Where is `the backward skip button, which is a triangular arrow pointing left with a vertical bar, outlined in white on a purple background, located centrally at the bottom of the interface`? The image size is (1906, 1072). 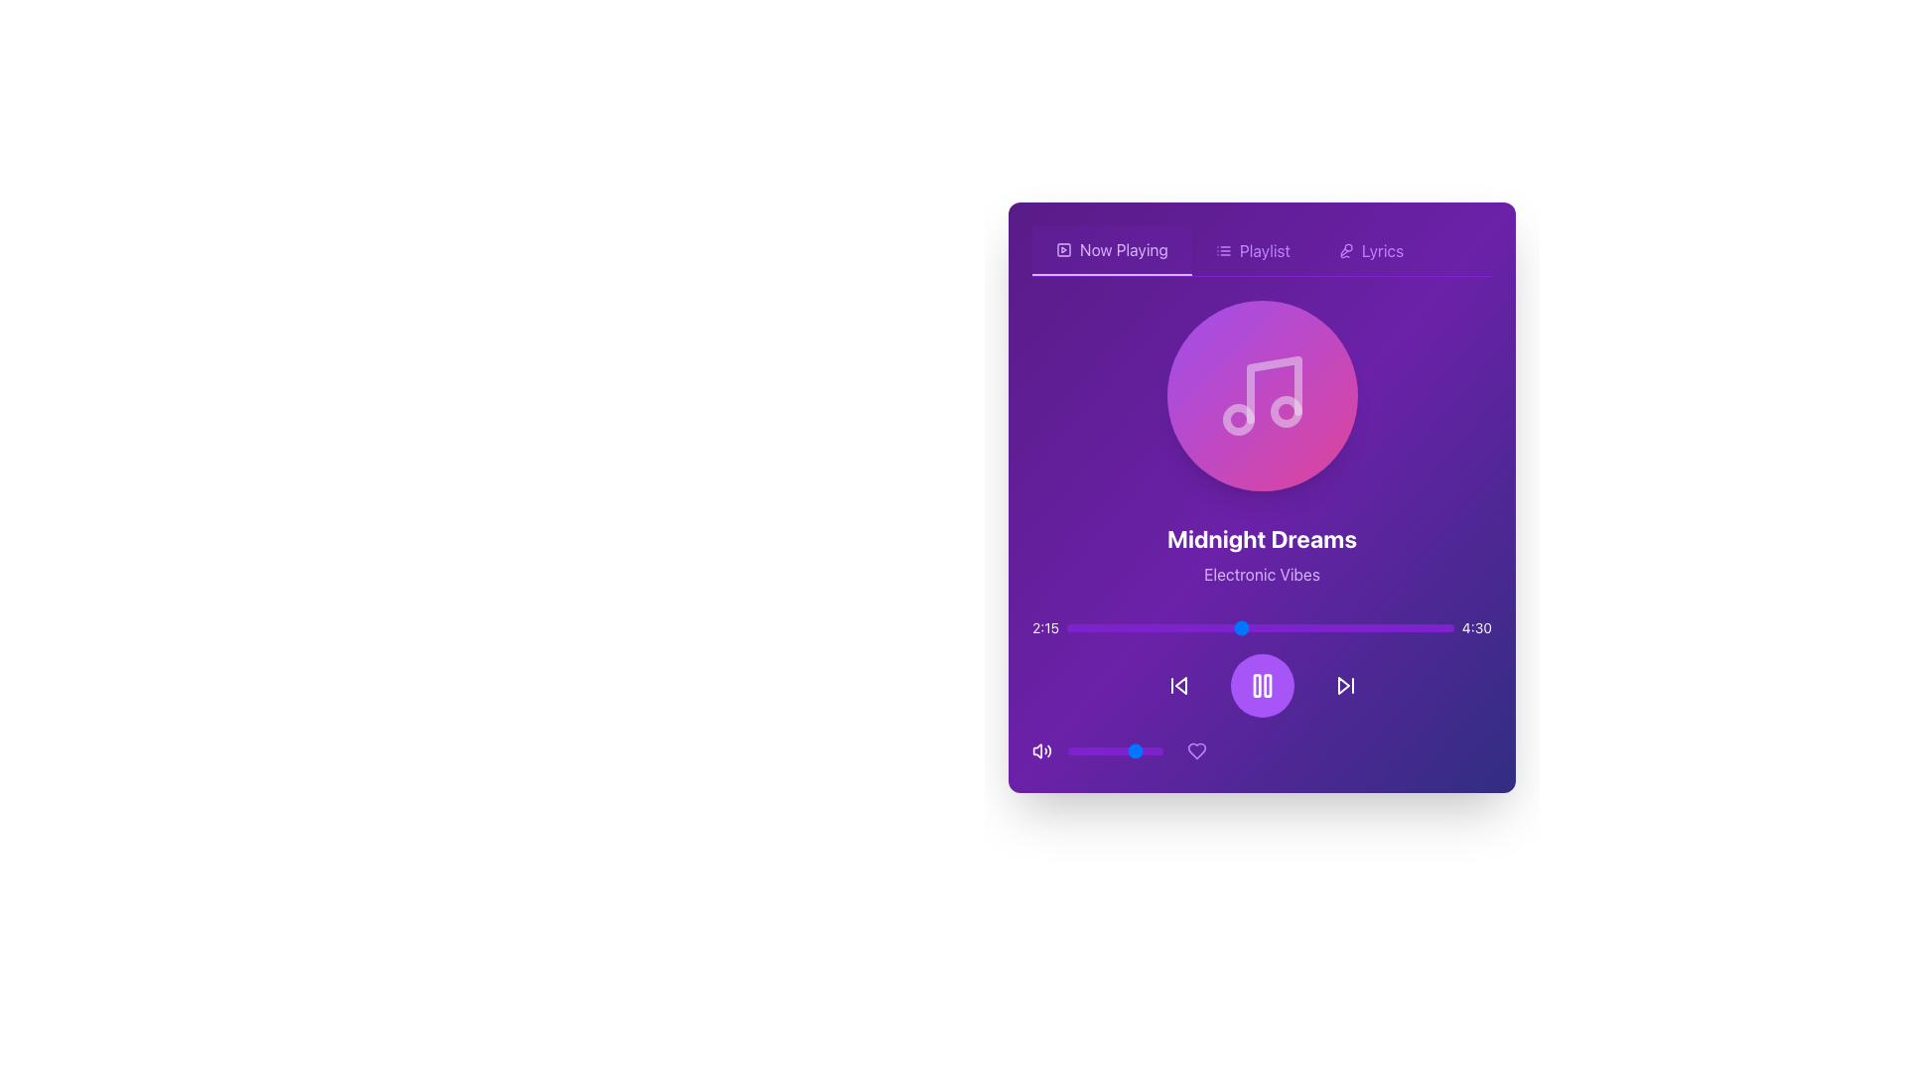
the backward skip button, which is a triangular arrow pointing left with a vertical bar, outlined in white on a purple background, located centrally at the bottom of the interface is located at coordinates (1178, 684).